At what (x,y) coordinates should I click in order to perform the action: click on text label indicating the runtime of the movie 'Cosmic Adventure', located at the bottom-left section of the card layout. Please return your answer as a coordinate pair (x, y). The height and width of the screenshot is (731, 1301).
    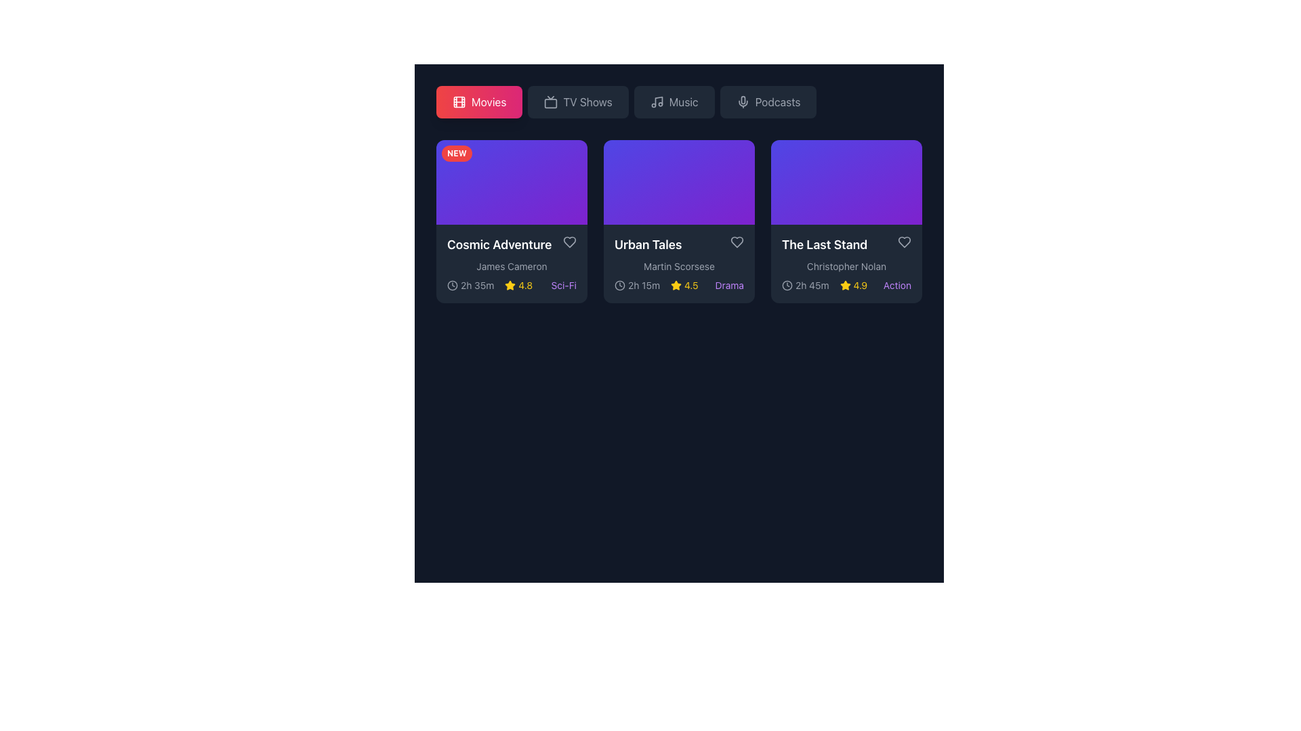
    Looking at the image, I should click on (470, 285).